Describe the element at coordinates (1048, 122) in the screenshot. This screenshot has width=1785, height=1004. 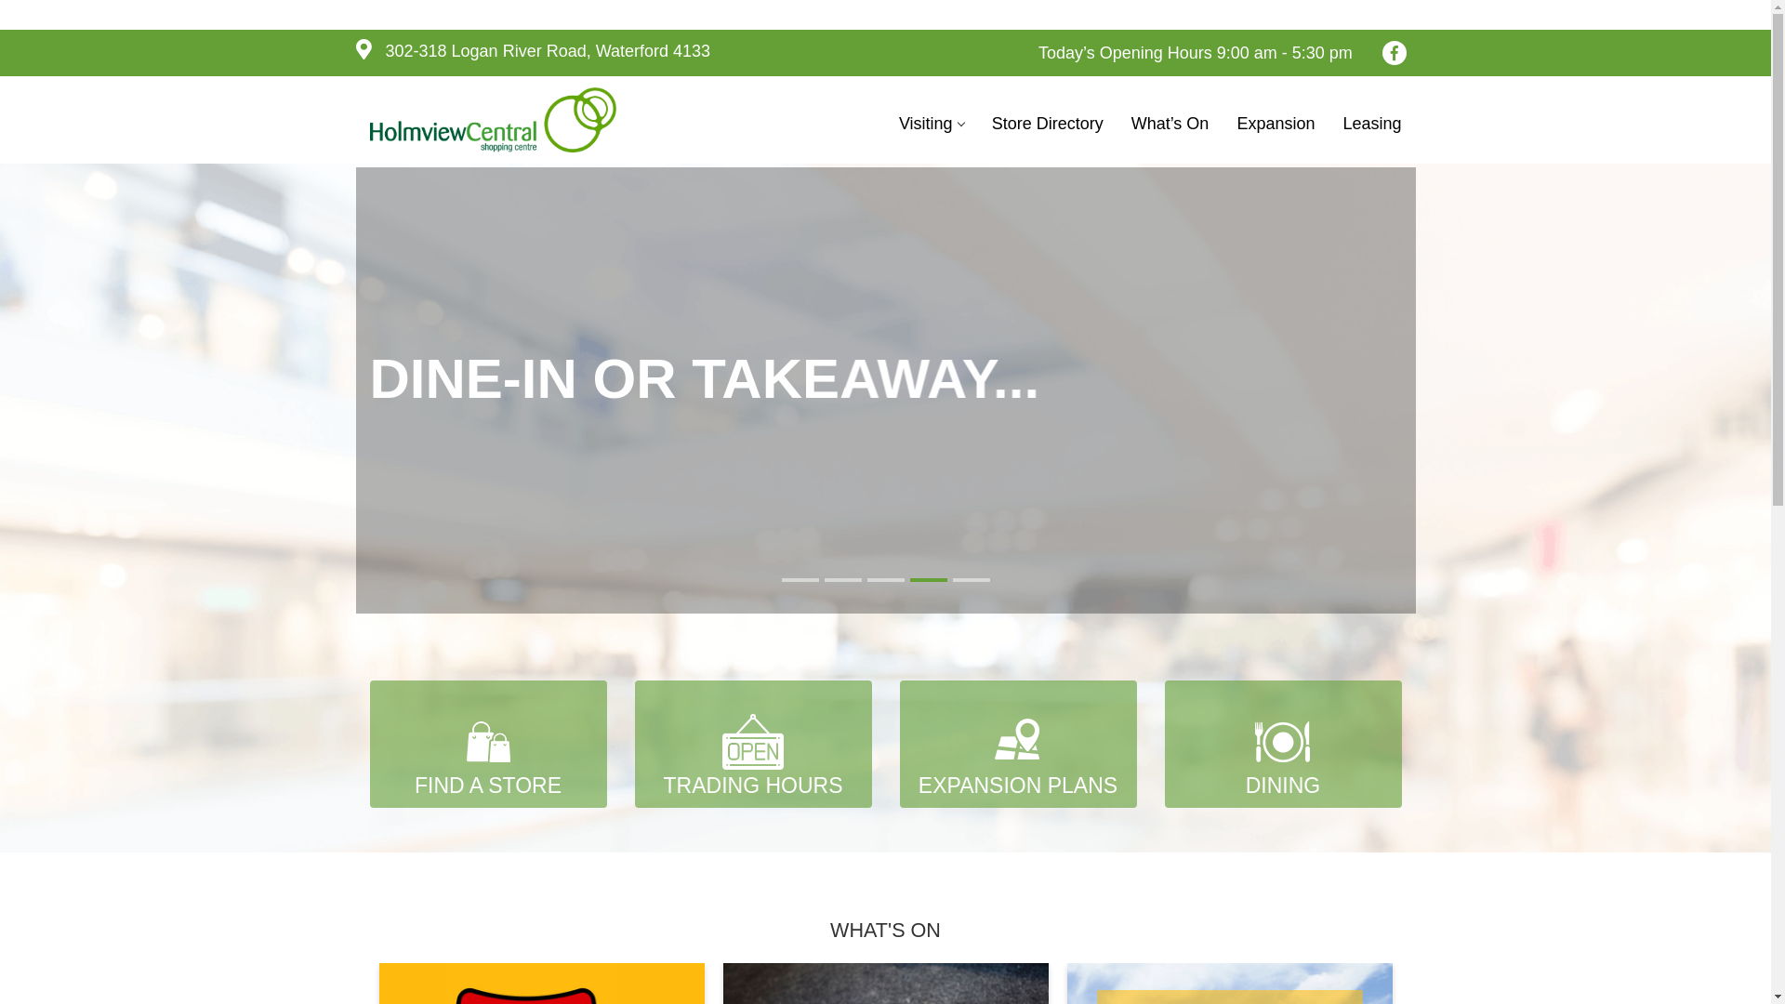
I see `'Store Directory'` at that location.